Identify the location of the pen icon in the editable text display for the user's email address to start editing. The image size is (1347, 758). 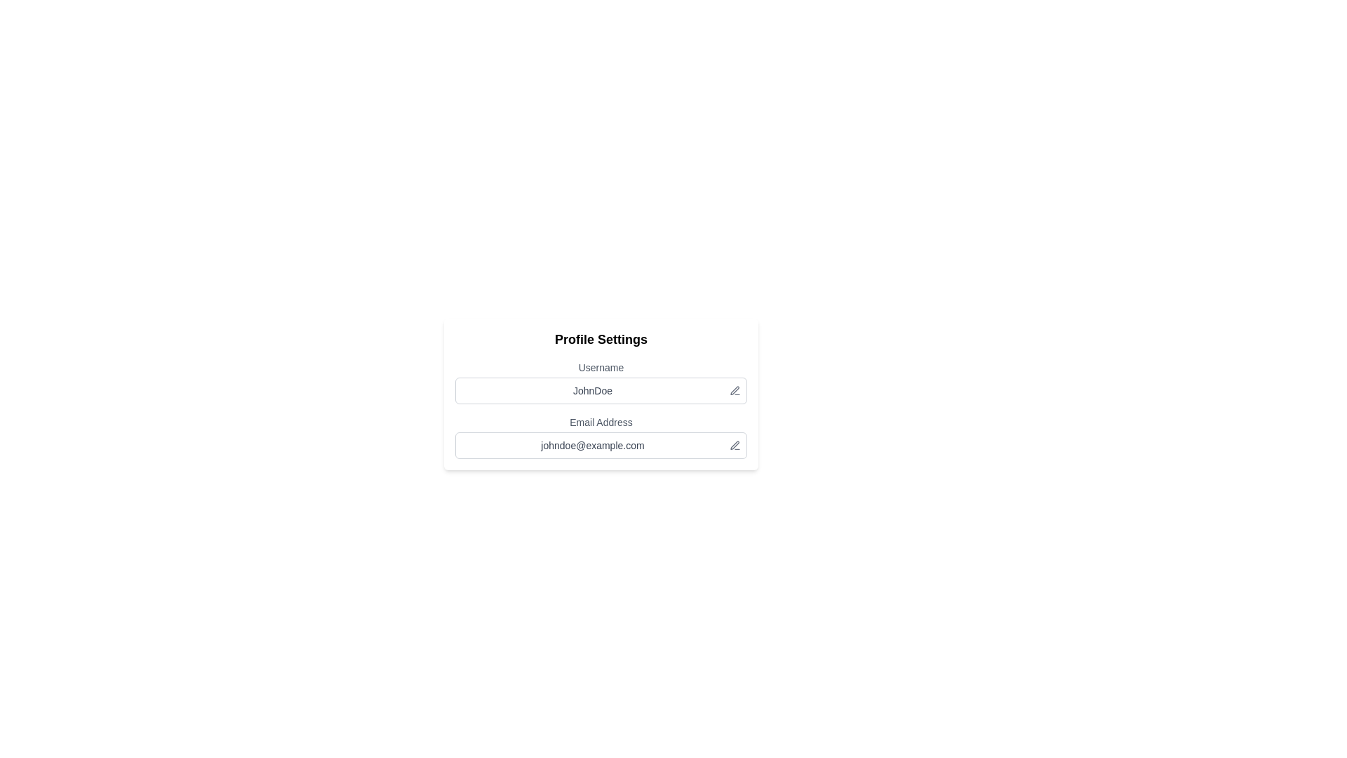
(601, 446).